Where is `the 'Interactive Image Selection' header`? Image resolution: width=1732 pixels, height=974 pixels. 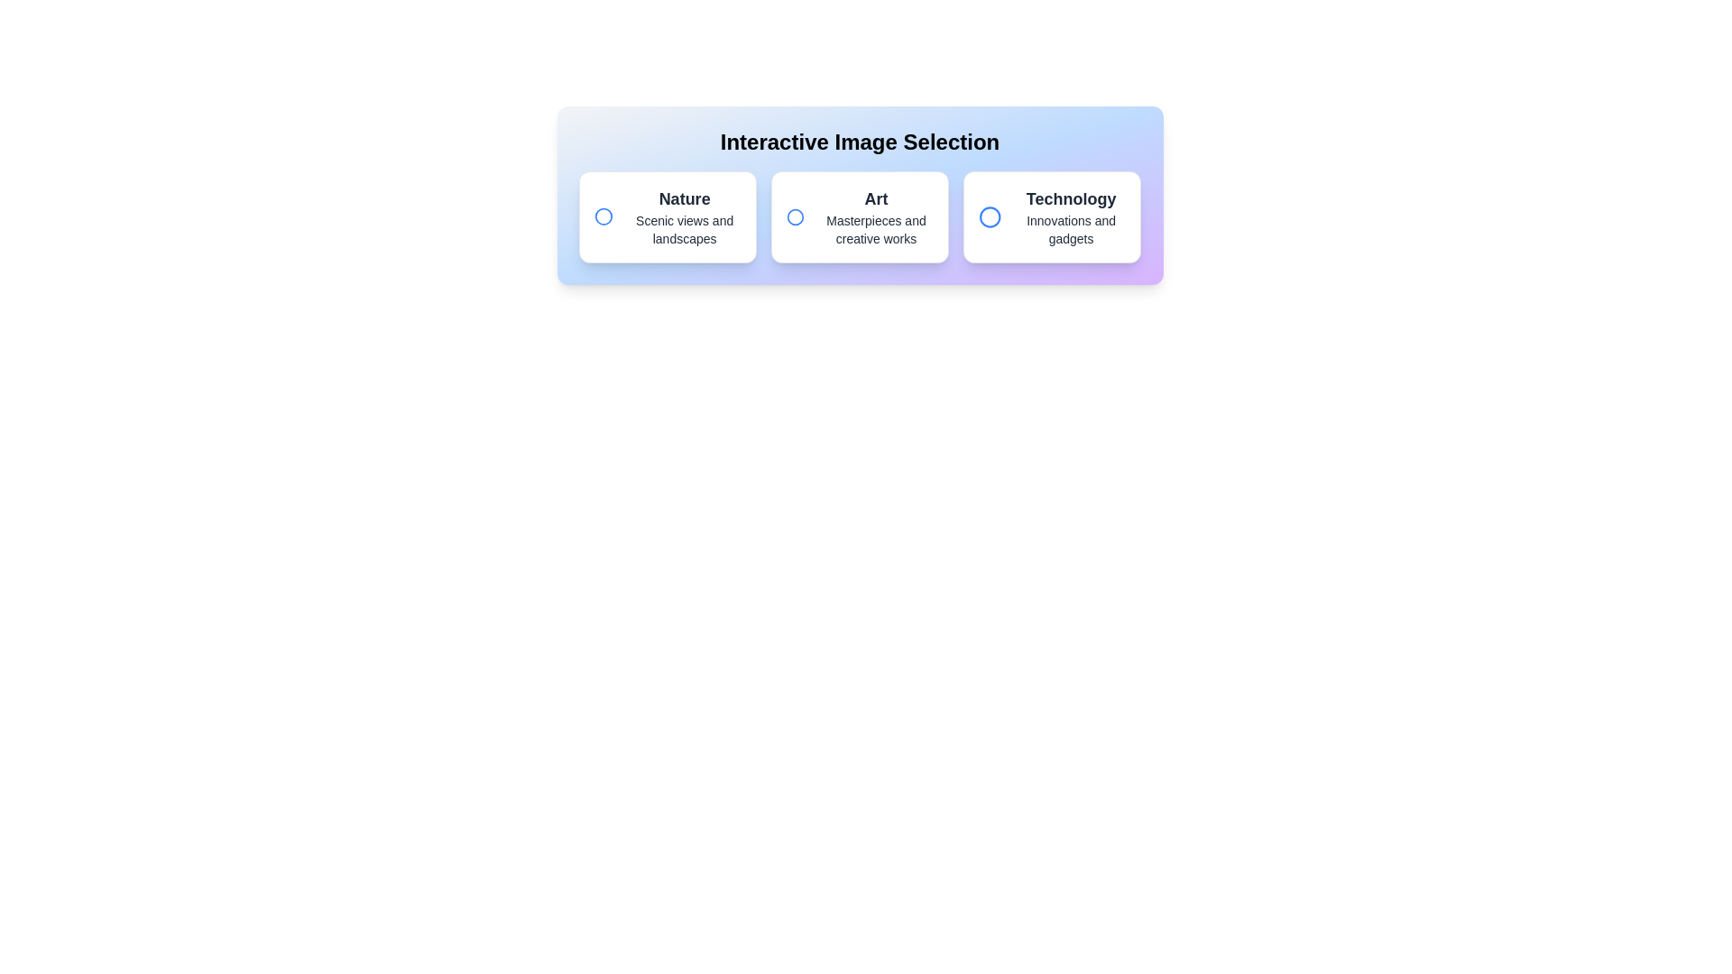 the 'Interactive Image Selection' header is located at coordinates (859, 142).